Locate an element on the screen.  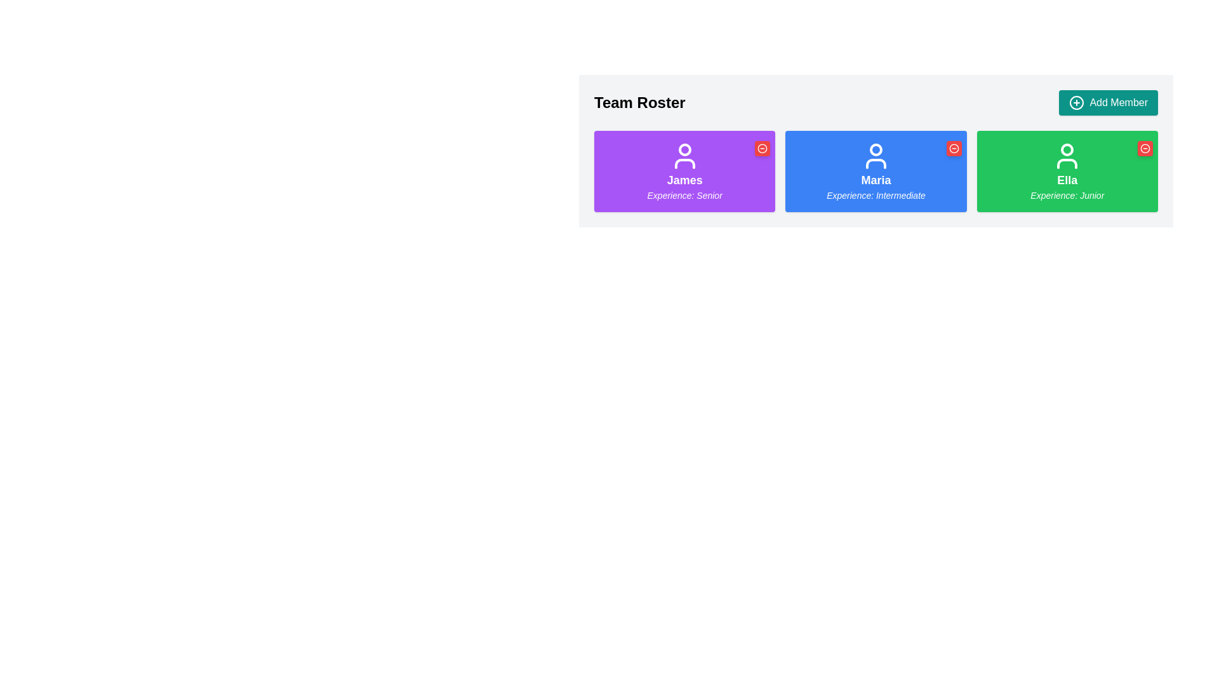
the Circular button icon, which is part of the 'Add Member' button located at the top-right corner of the interface, immediately to the left of the 'Add Member' text is located at coordinates (1076, 102).